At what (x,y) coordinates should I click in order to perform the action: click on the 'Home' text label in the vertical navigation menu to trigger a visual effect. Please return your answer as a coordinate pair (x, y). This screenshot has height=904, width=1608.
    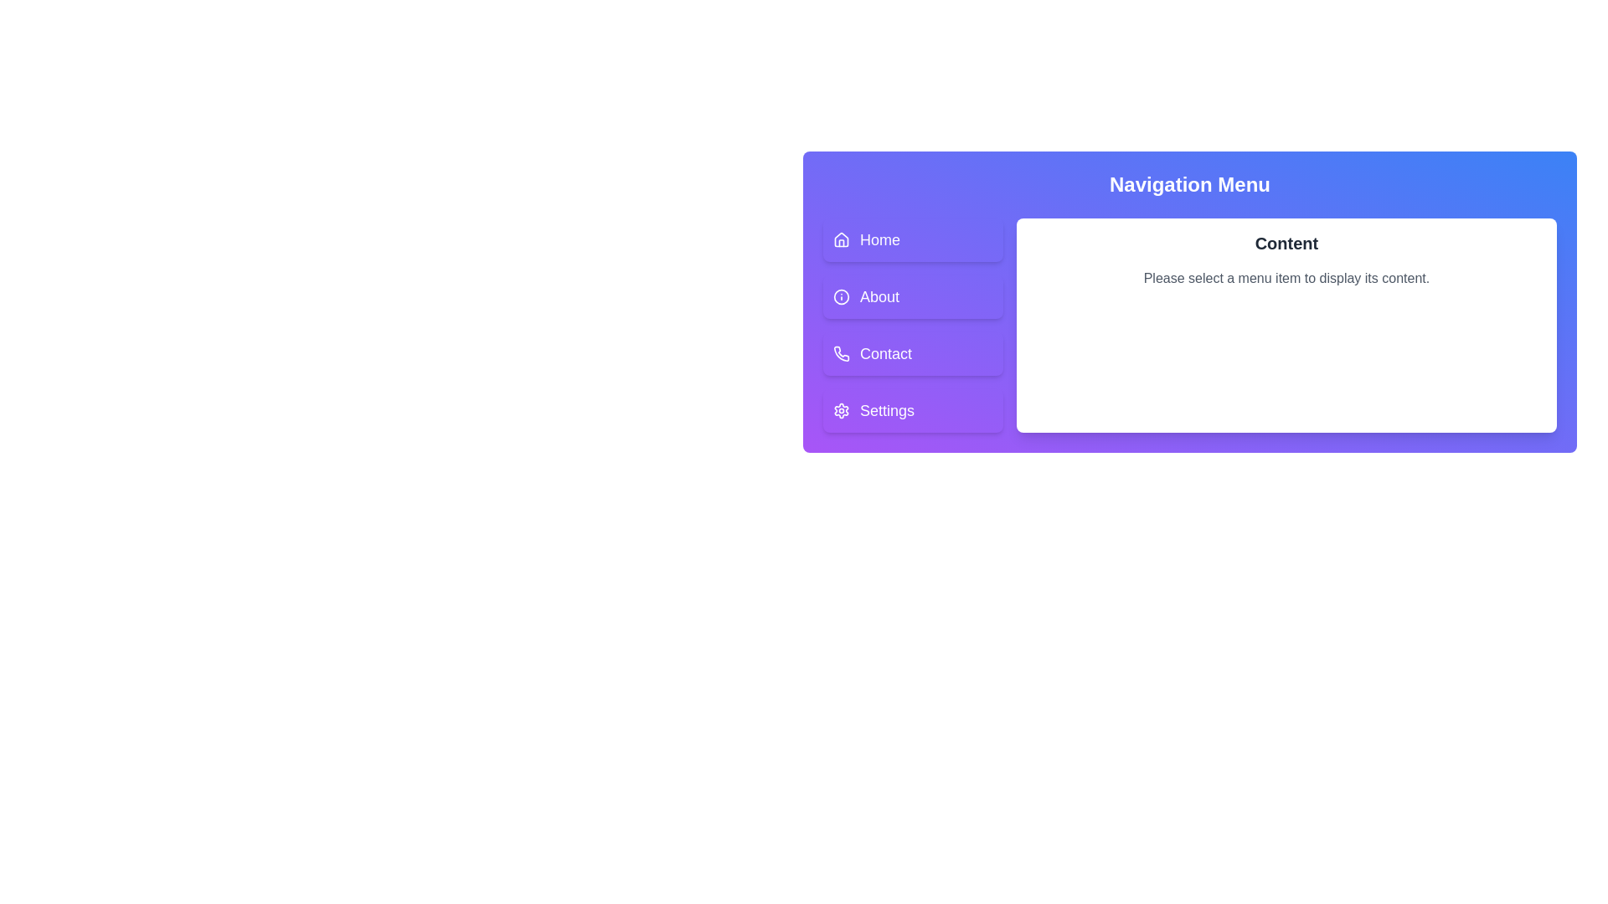
    Looking at the image, I should click on (879, 239).